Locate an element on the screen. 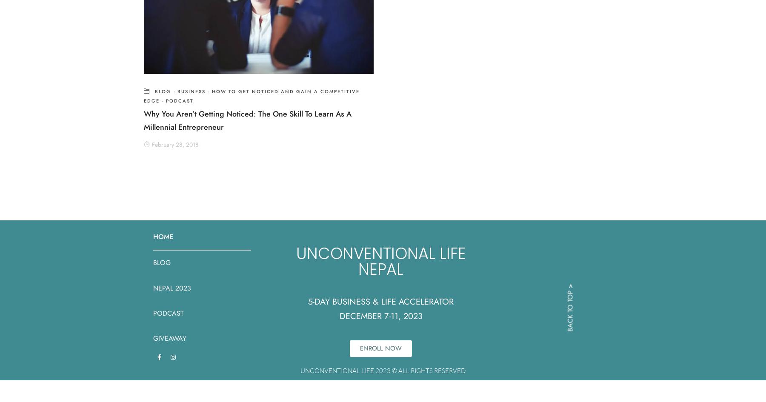 The image size is (766, 402). 'HOME' is located at coordinates (163, 237).